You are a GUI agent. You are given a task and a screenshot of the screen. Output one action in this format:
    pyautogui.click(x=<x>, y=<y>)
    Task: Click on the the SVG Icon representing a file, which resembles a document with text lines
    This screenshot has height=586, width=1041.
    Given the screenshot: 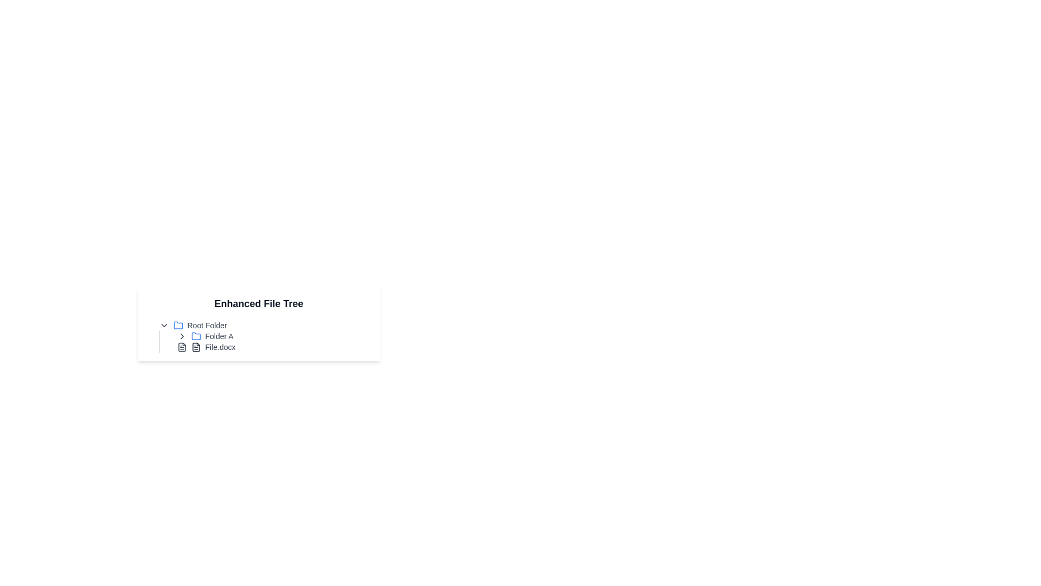 What is the action you would take?
    pyautogui.click(x=182, y=347)
    